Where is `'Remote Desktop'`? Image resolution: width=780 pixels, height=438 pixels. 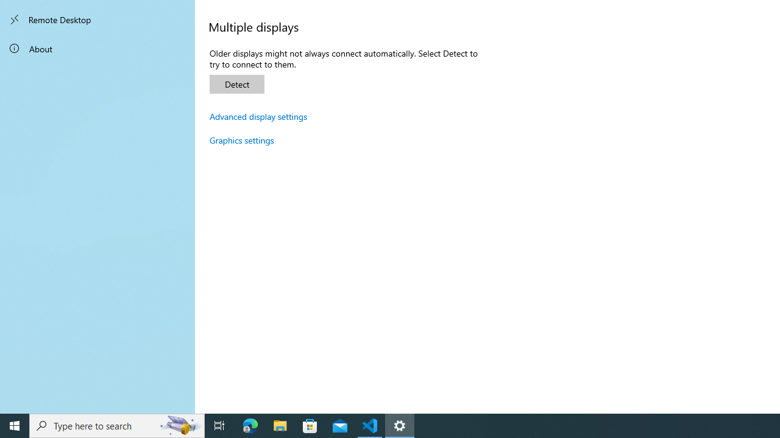 'Remote Desktop' is located at coordinates (97, 19).